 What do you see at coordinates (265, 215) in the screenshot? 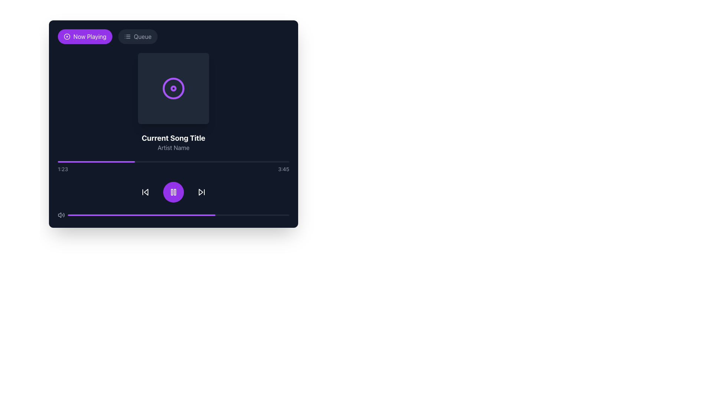
I see `the volume level` at bounding box center [265, 215].